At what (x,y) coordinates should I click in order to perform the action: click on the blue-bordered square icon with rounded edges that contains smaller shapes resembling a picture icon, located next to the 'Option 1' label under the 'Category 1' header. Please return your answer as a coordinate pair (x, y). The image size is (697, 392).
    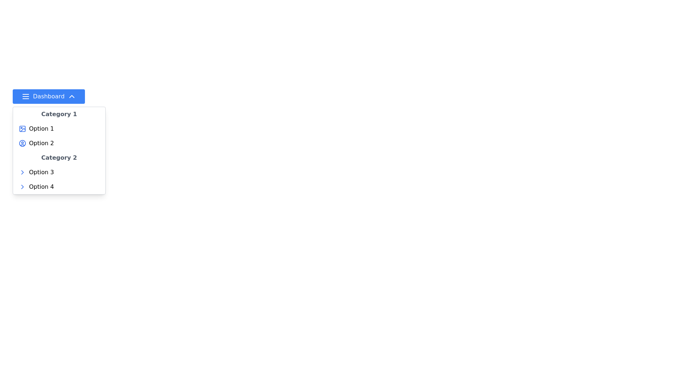
    Looking at the image, I should click on (23, 128).